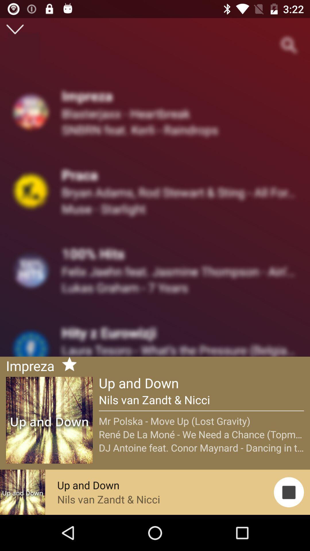  What do you see at coordinates (67, 365) in the screenshot?
I see `icon next to impreza icon` at bounding box center [67, 365].